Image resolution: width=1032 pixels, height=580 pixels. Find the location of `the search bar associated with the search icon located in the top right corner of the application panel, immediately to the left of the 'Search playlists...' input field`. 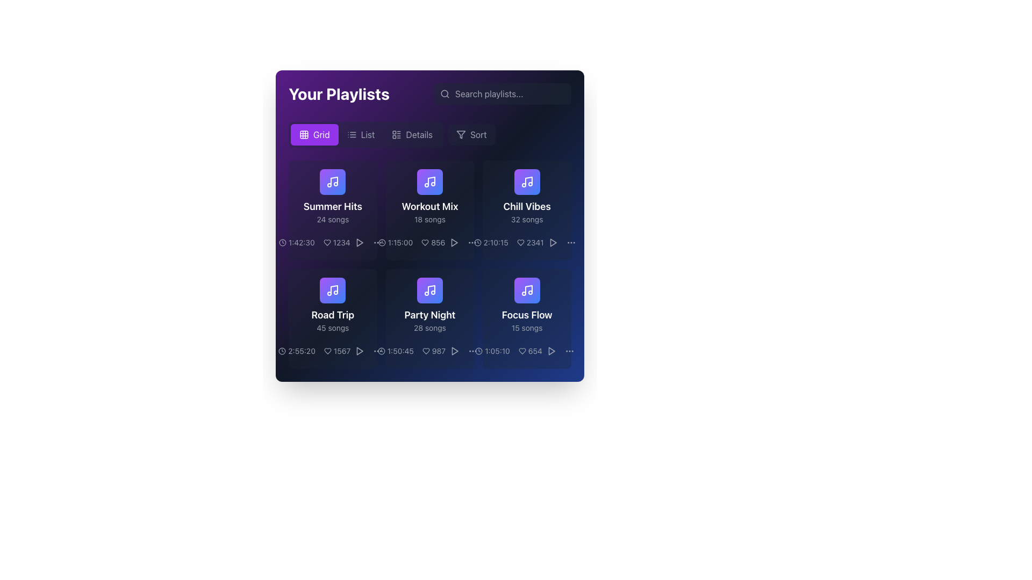

the search bar associated with the search icon located in the top right corner of the application panel, immediately to the left of the 'Search playlists...' input field is located at coordinates (445, 93).